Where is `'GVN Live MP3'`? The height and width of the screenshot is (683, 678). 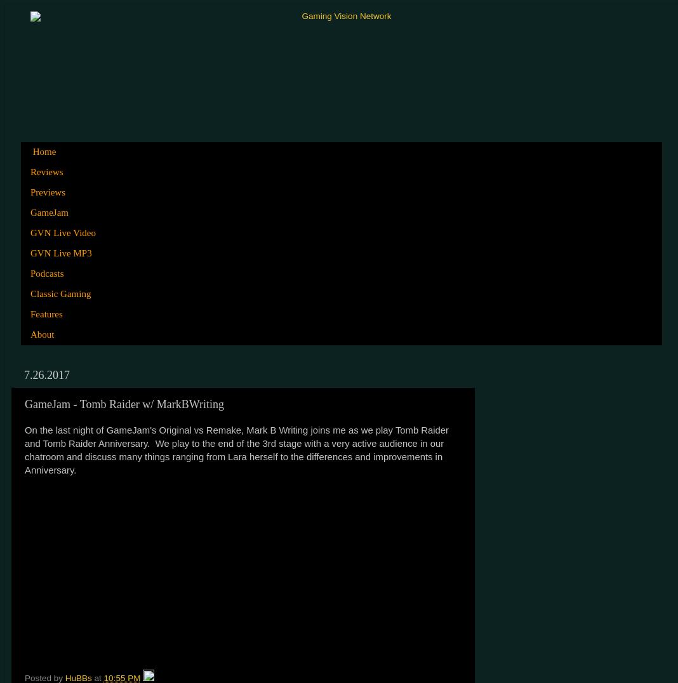
'GVN Live MP3' is located at coordinates (60, 252).